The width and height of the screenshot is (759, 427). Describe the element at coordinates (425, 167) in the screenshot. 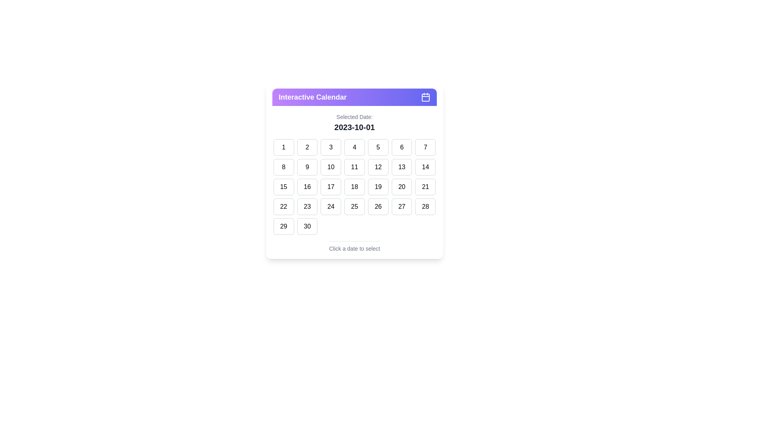

I see `the button labeled '14' located in the second row and seventh column of the calendar layout to trigger the visual feedback effect` at that location.